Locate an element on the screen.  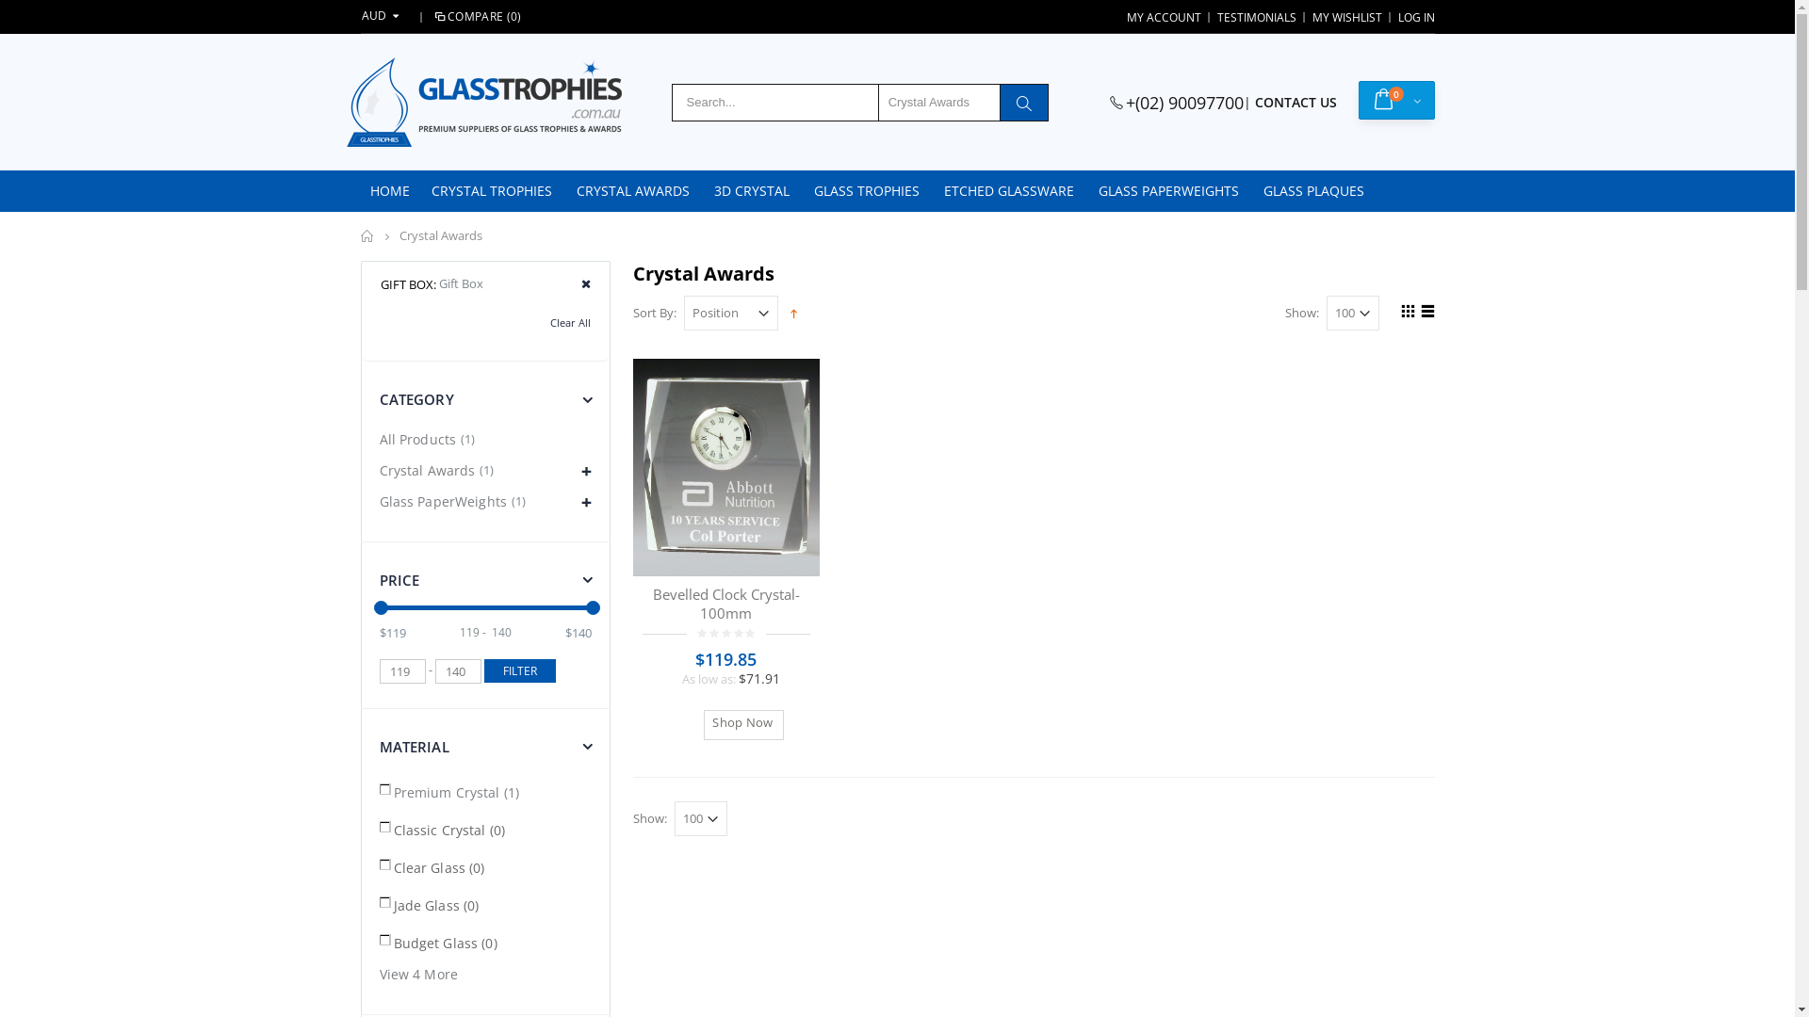
'Set Descending Direction' is located at coordinates (793, 311).